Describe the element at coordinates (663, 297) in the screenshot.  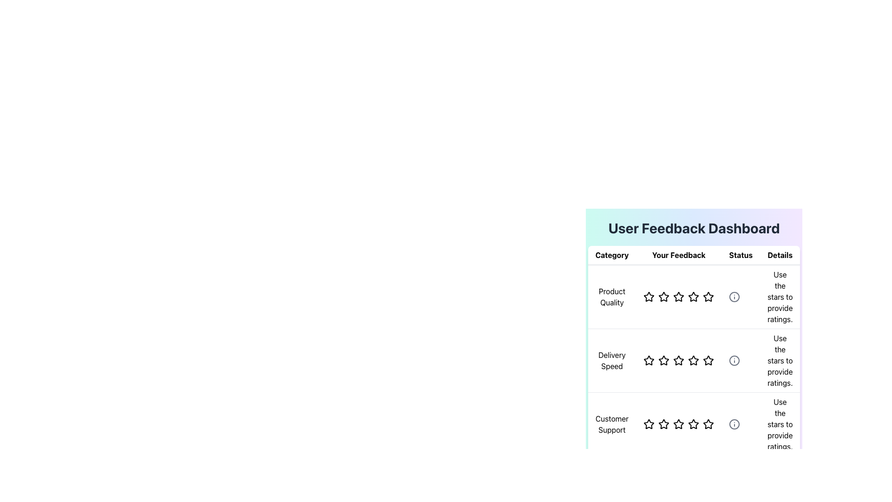
I see `the second star icon in the 'Product Quality' row of the 'Your Feedback' column to rate it` at that location.